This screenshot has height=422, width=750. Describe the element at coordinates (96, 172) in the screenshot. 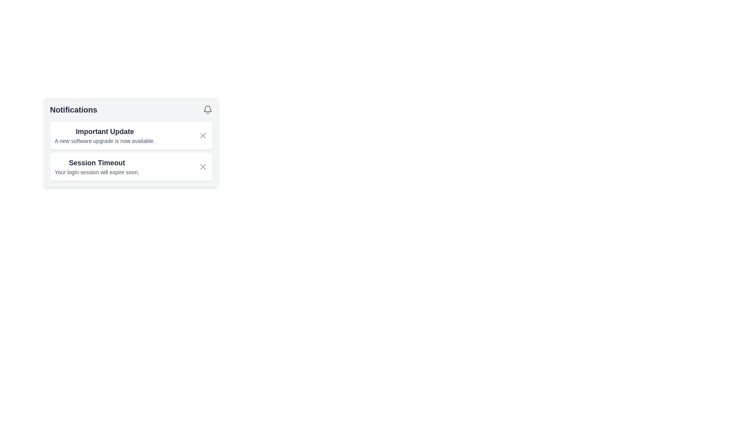

I see `the static text stating 'Your login session will expire soon.' which is styled with a small, gray font and located below the 'Session Timeout' header in the notification card` at that location.